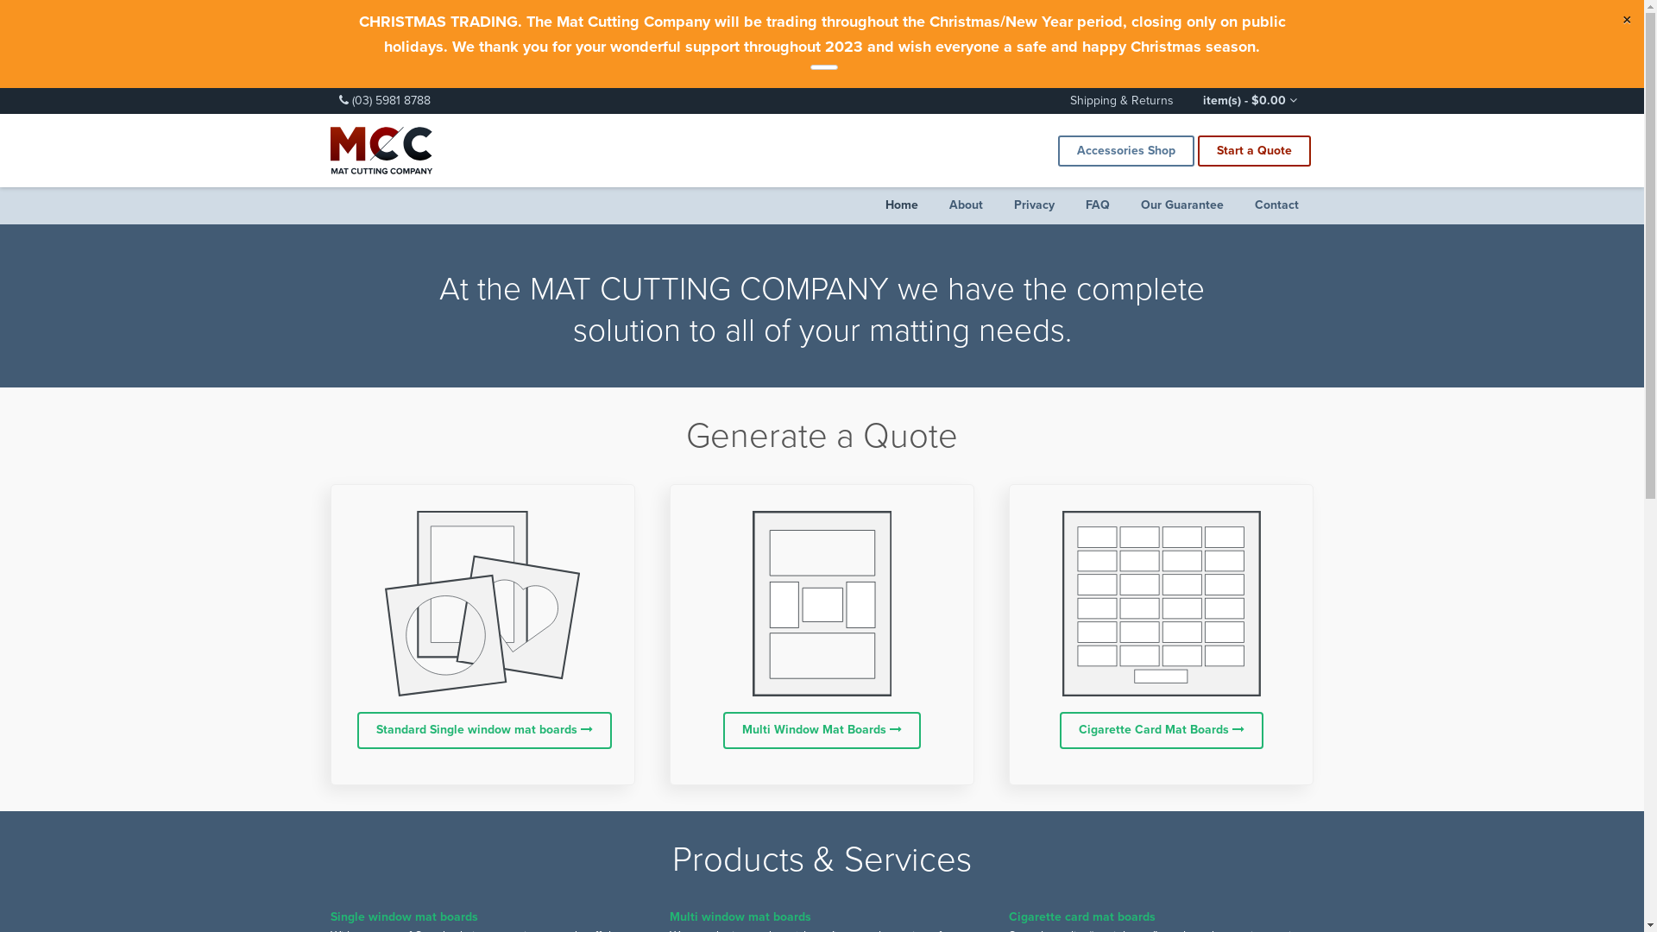  What do you see at coordinates (330, 916) in the screenshot?
I see `'Single window mat boards'` at bounding box center [330, 916].